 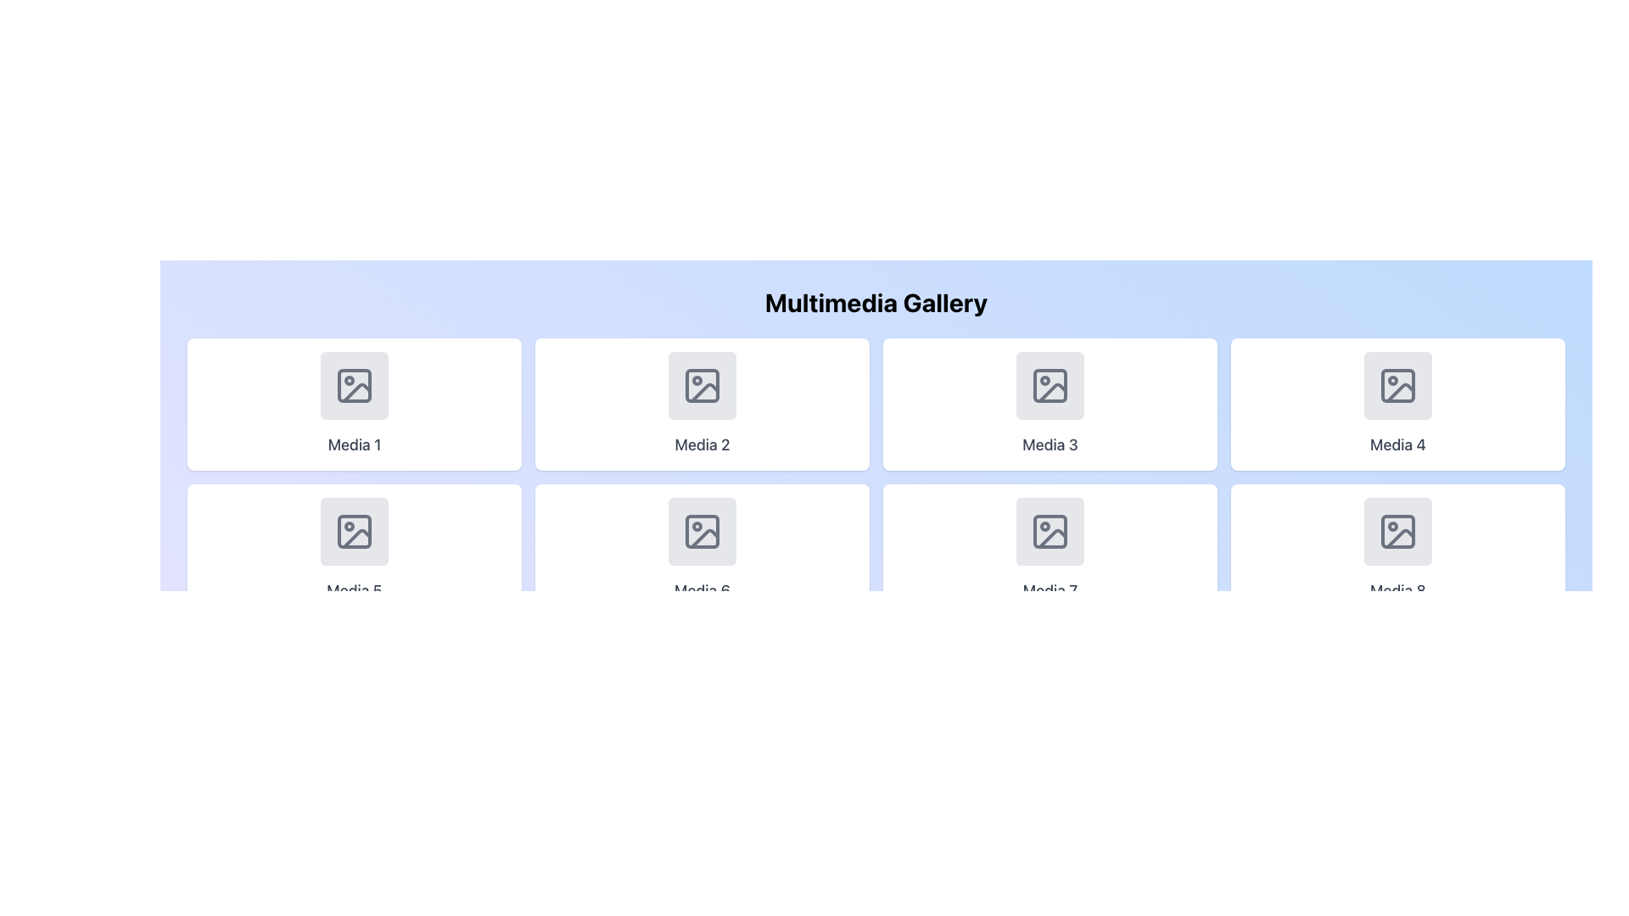 What do you see at coordinates (1050, 405) in the screenshot?
I see `the third card in the 'Multimedia Gallery' grid` at bounding box center [1050, 405].